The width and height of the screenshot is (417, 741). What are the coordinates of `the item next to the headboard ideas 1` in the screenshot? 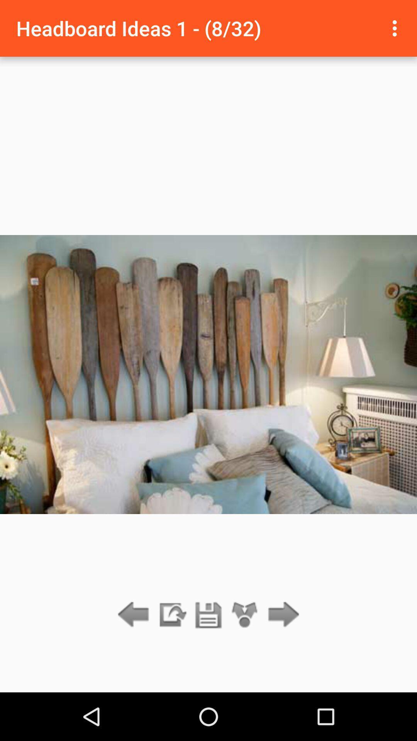 It's located at (397, 28).